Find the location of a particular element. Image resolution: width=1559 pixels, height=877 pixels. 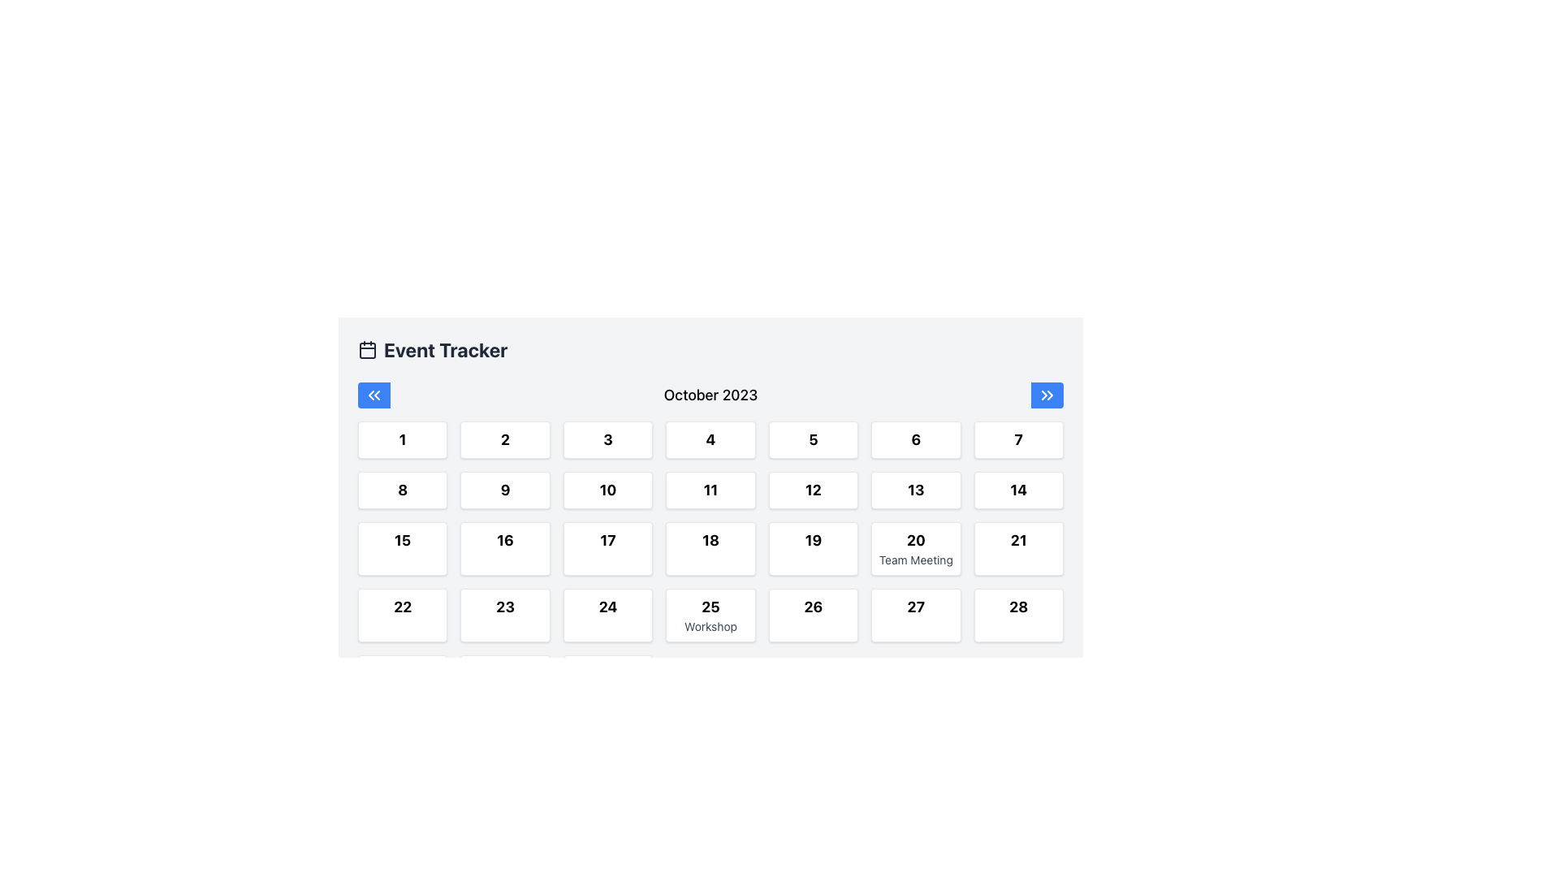

the static text element displaying the number '4', which represents the fourth day of the calendar in the grid layout is located at coordinates (710, 440).